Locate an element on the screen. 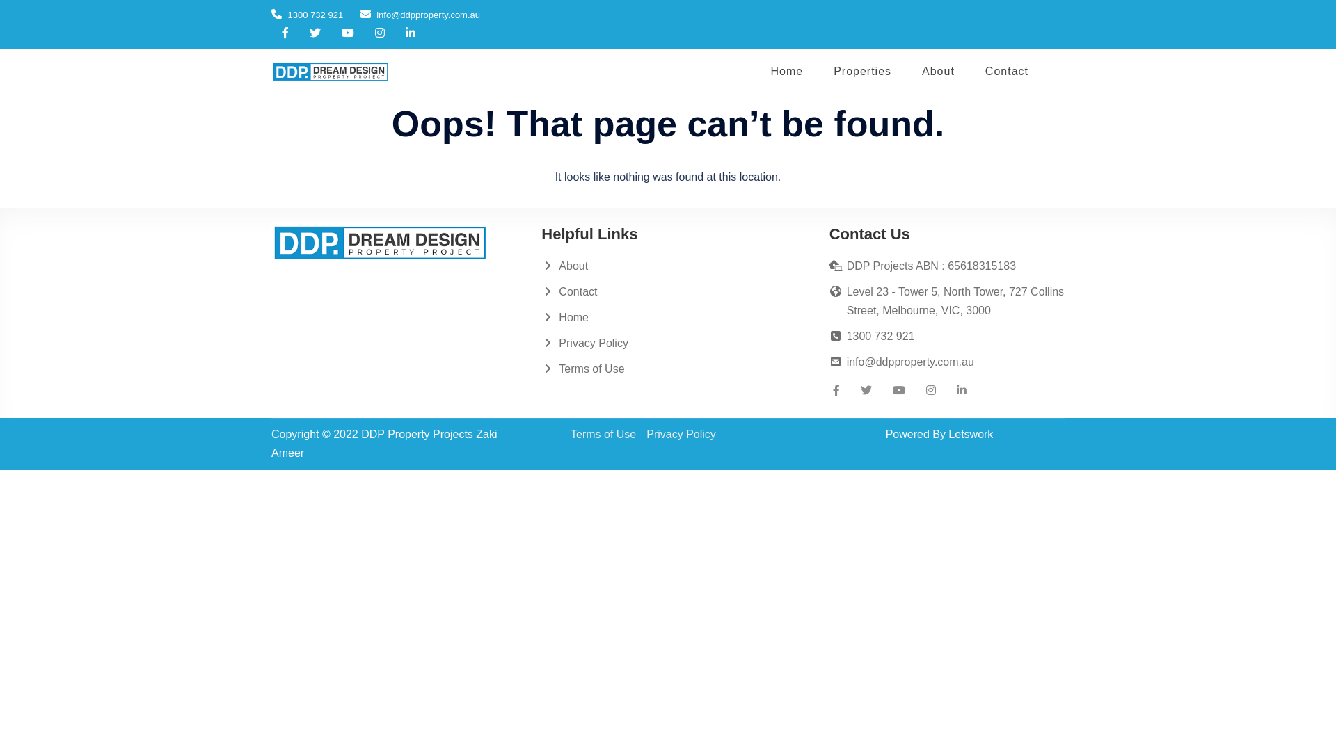 The height and width of the screenshot is (751, 1336). 'info@ddpproperty.com.au' is located at coordinates (420, 15).